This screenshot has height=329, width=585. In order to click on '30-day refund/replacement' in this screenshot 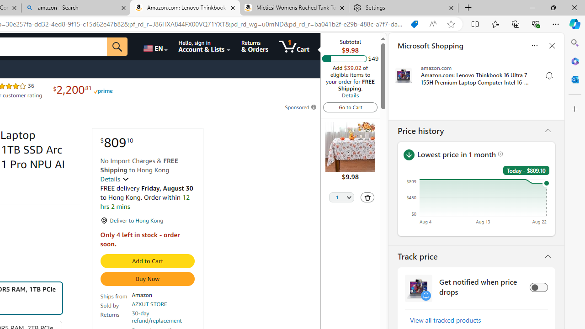, I will do `click(163, 317)`.